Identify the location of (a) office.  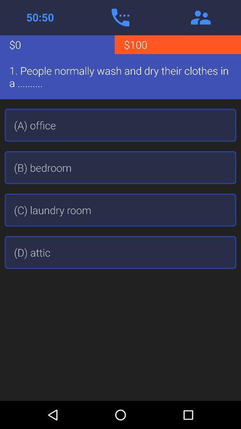
(120, 125).